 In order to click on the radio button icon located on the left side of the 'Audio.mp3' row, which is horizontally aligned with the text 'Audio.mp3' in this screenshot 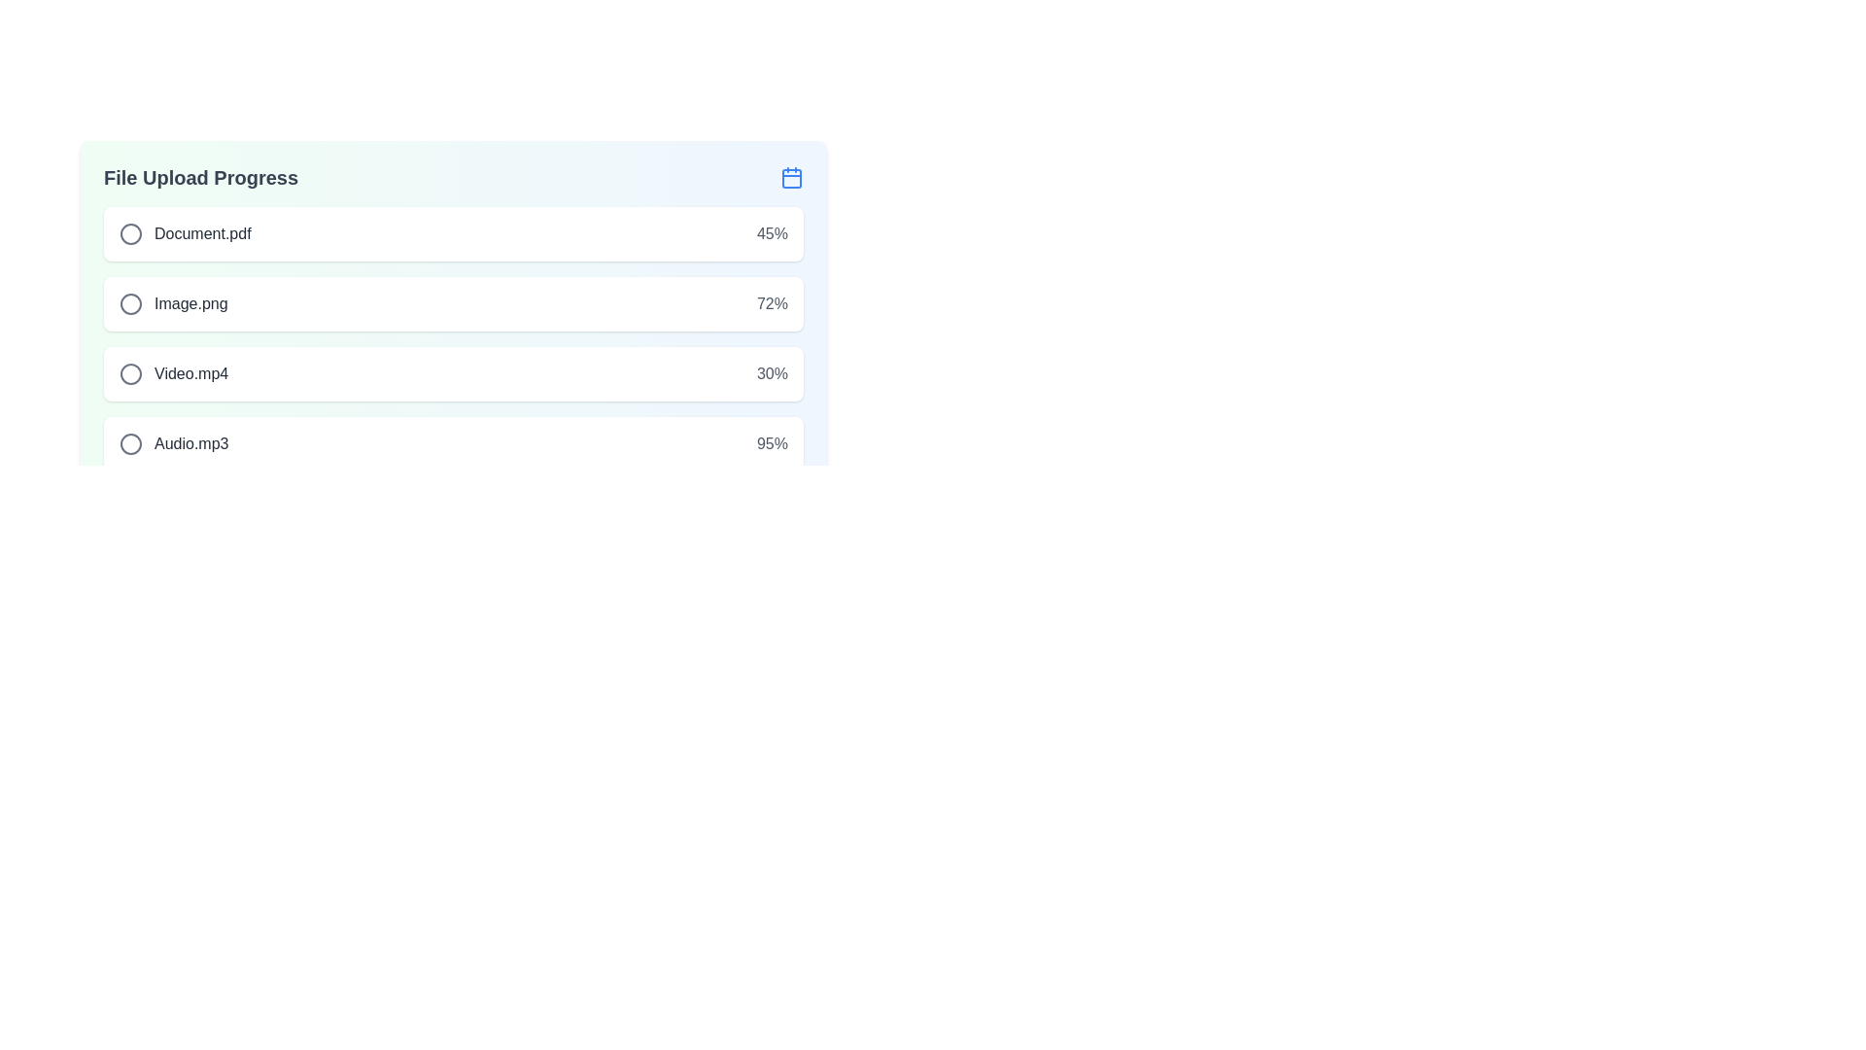, I will do `click(129, 443)`.